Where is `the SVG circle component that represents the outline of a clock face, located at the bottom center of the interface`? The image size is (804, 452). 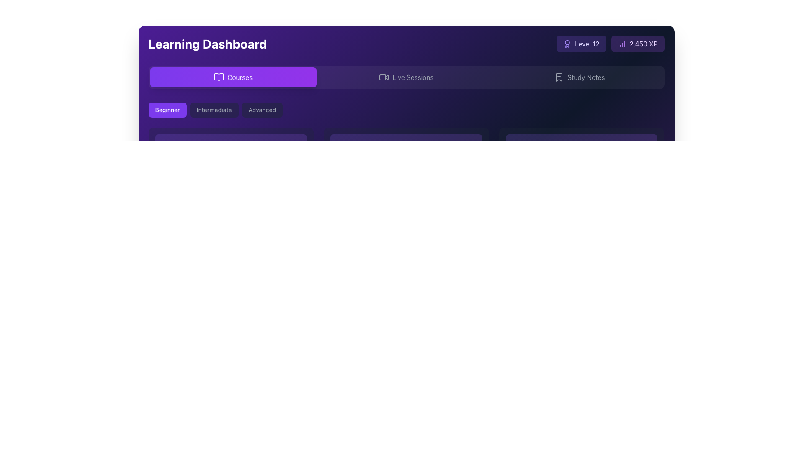 the SVG circle component that represents the outline of a clock face, located at the bottom center of the interface is located at coordinates (158, 424).